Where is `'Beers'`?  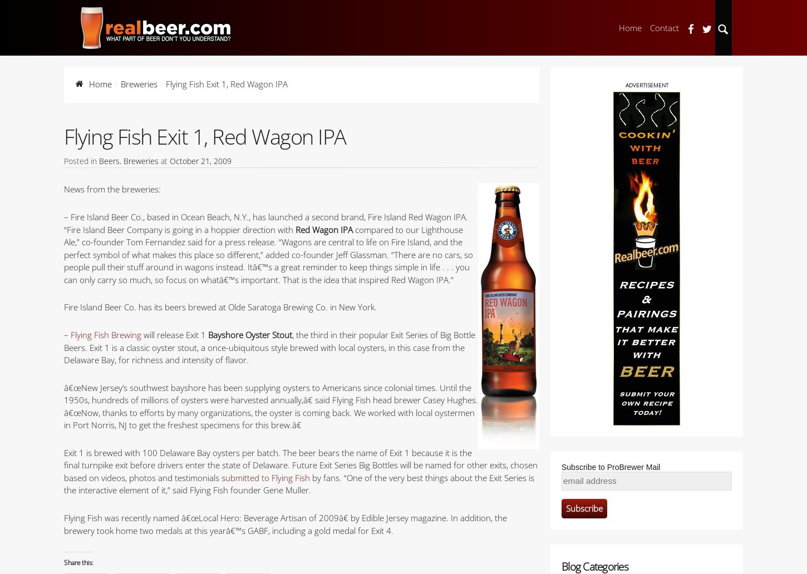 'Beers' is located at coordinates (109, 160).